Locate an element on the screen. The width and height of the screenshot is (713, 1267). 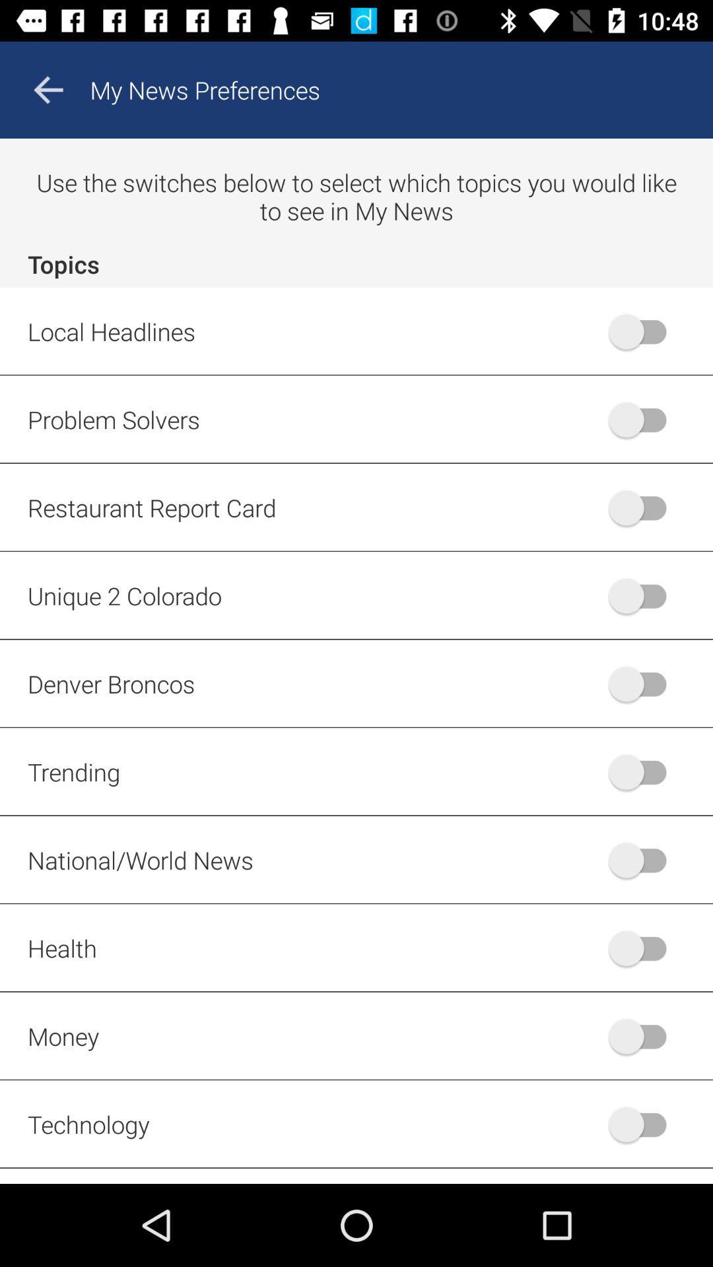
the switch button which is beside text problem solvers is located at coordinates (643, 418).